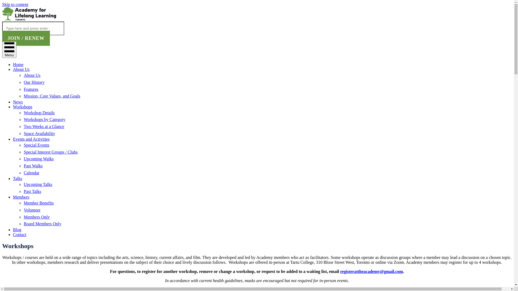 This screenshot has width=518, height=291. What do you see at coordinates (32, 210) in the screenshot?
I see `'Volunteer'` at bounding box center [32, 210].